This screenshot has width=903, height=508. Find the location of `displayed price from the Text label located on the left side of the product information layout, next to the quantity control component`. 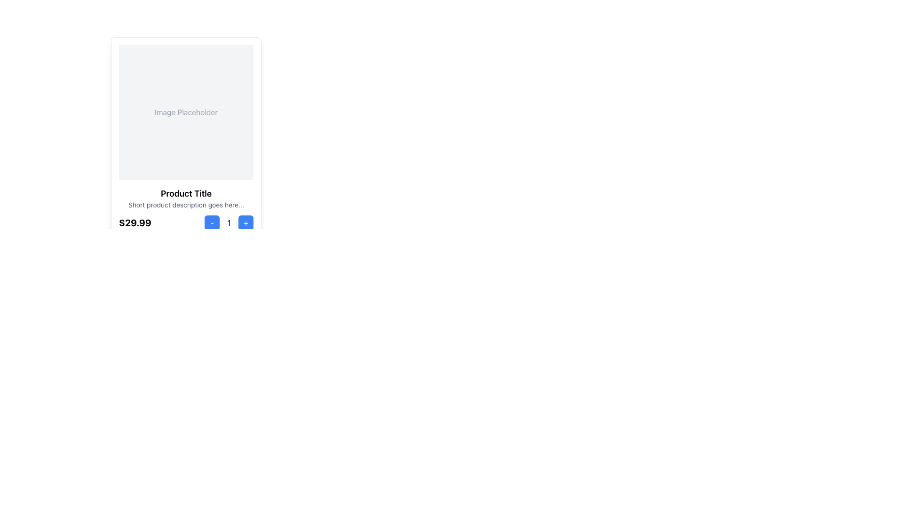

displayed price from the Text label located on the left side of the product information layout, next to the quantity control component is located at coordinates (135, 223).